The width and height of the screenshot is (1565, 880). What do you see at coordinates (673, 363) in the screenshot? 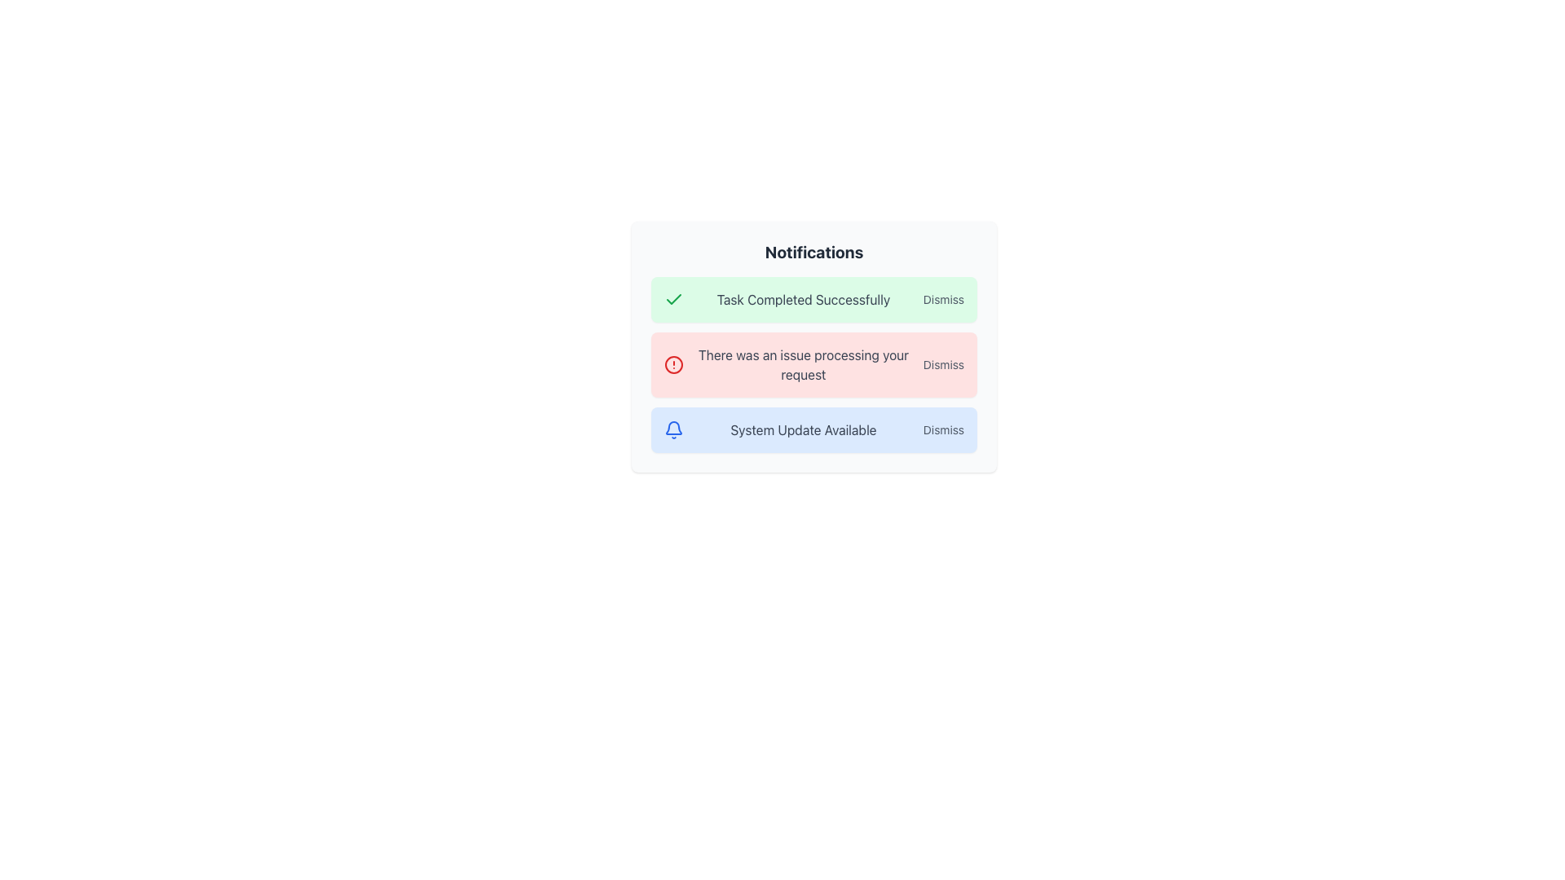
I see `the circular part of the red alert icon located to the left of the text 'There was an issue processing your request' in the notifications panel` at bounding box center [673, 363].